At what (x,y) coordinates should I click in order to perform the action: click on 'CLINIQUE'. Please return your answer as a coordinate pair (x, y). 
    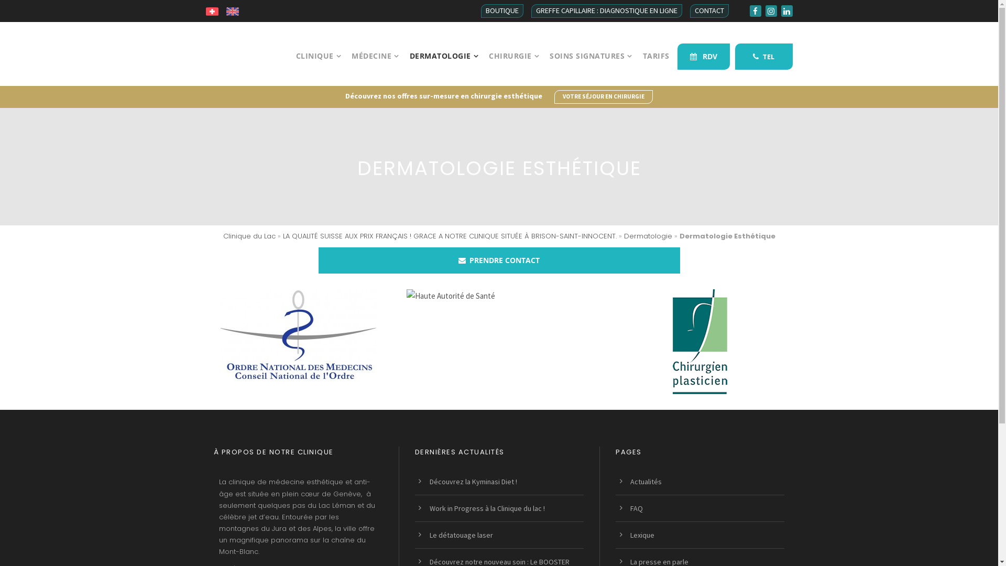
    Looking at the image, I should click on (318, 68).